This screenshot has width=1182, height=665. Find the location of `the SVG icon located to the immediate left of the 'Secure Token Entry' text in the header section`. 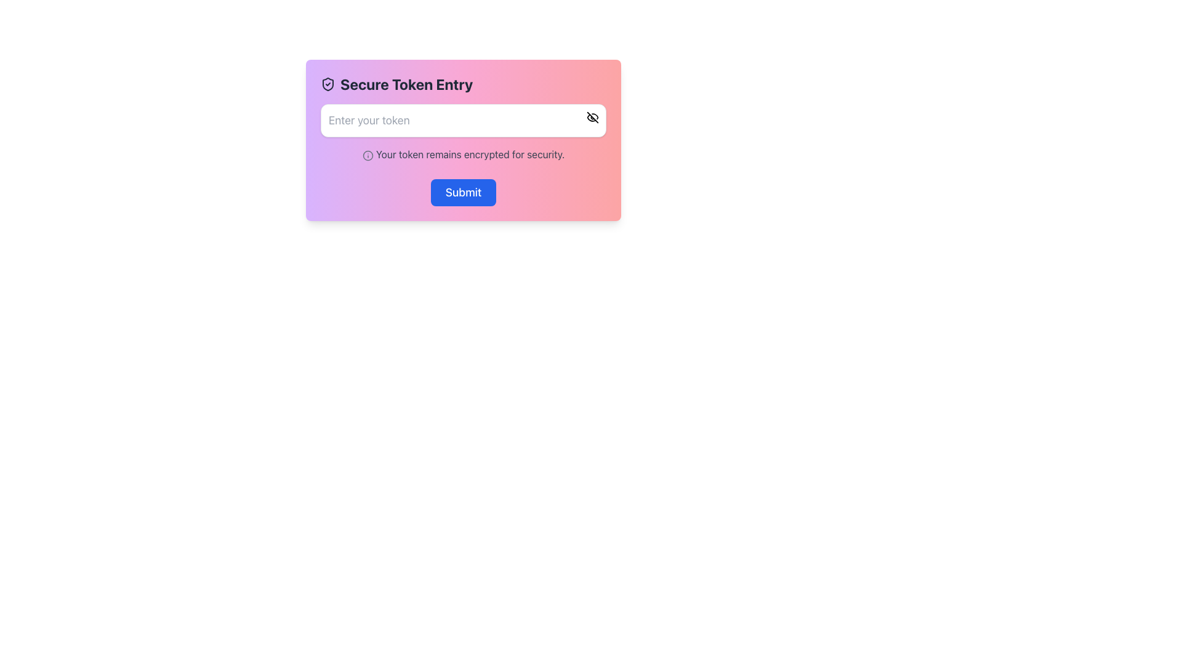

the SVG icon located to the immediate left of the 'Secure Token Entry' text in the header section is located at coordinates (328, 84).